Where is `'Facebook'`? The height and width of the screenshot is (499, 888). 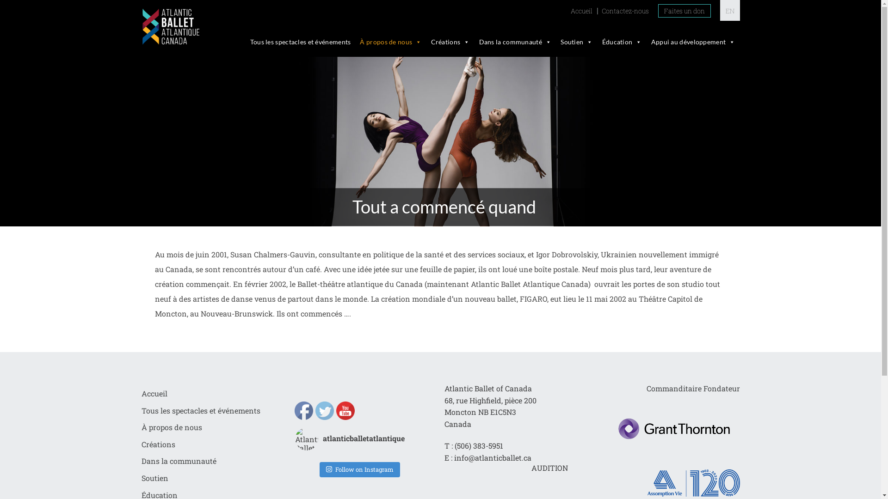
'Facebook' is located at coordinates (304, 410).